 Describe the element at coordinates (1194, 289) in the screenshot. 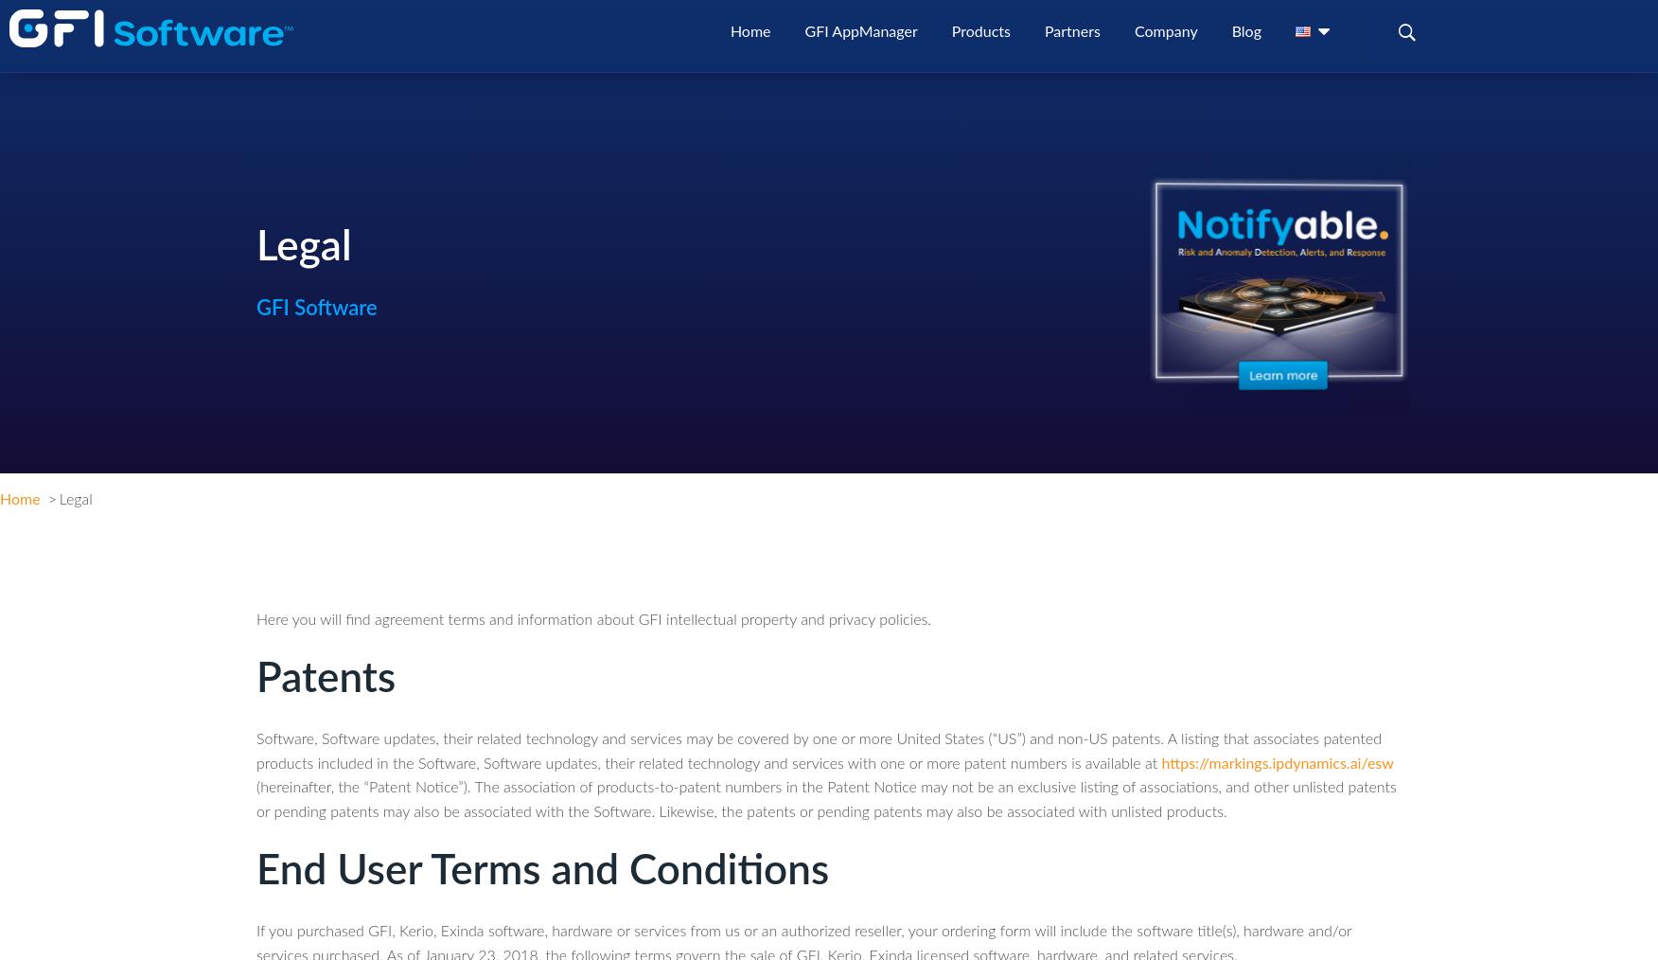

I see `'Press Center'` at that location.